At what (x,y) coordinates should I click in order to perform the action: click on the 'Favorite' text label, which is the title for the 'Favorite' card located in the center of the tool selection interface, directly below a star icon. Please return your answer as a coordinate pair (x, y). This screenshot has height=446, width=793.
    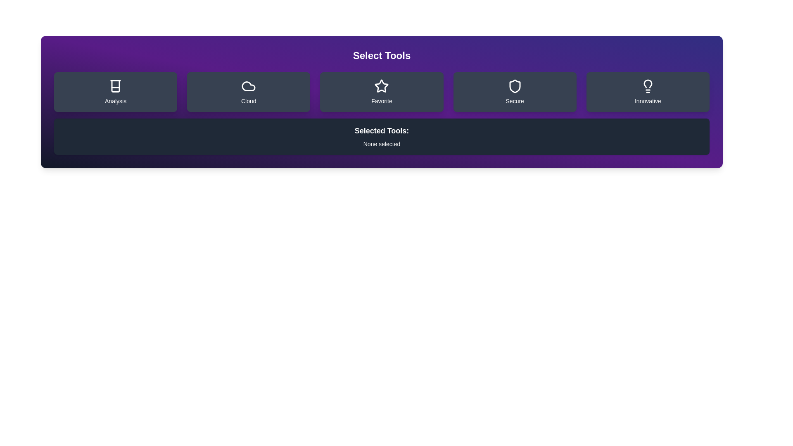
    Looking at the image, I should click on (381, 101).